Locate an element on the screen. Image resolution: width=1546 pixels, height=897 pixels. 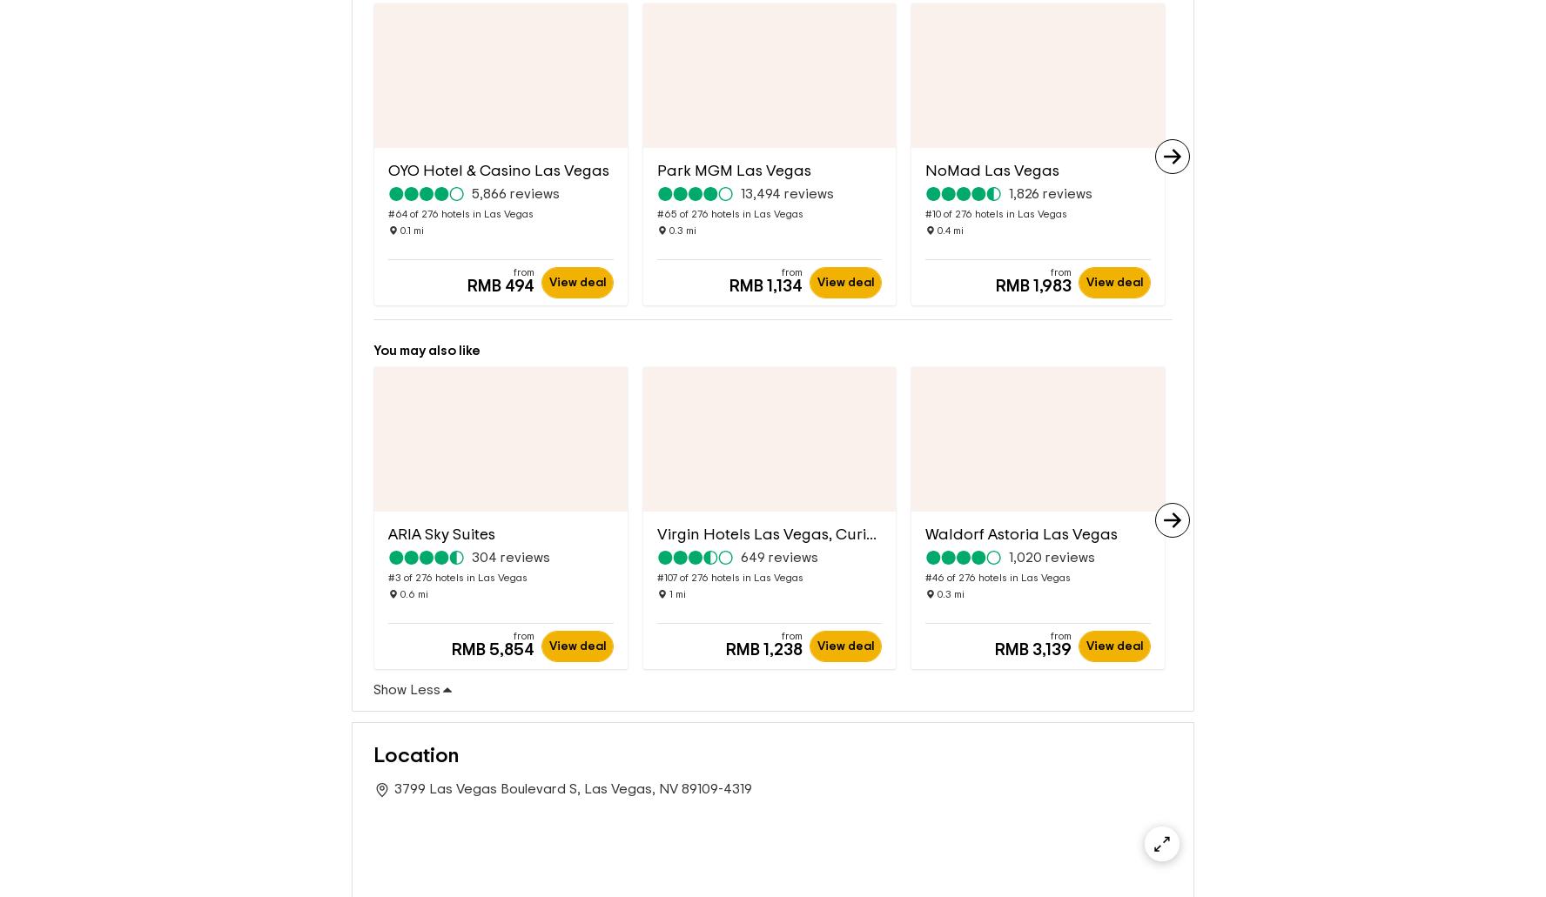
'#107 of 276 hotels in Las Vegas' is located at coordinates (655, 550).